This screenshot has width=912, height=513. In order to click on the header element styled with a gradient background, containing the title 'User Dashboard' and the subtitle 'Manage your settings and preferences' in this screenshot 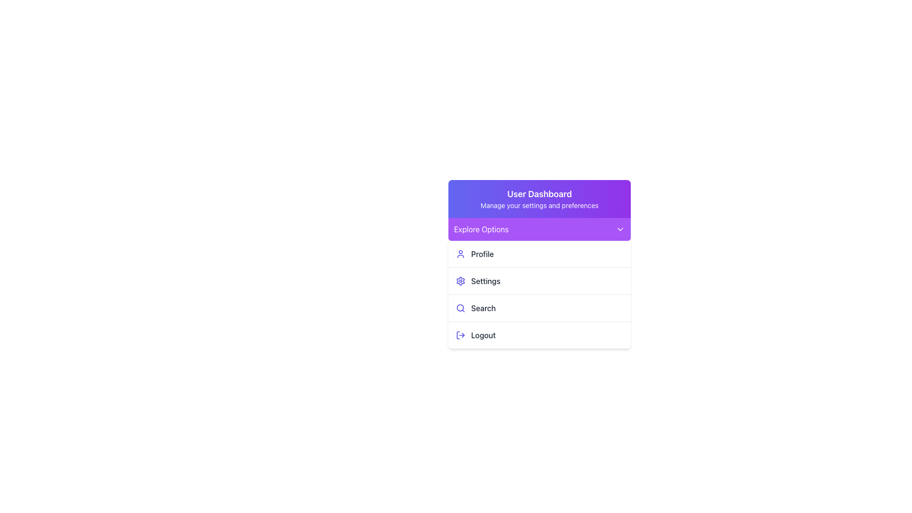, I will do `click(540, 199)`.